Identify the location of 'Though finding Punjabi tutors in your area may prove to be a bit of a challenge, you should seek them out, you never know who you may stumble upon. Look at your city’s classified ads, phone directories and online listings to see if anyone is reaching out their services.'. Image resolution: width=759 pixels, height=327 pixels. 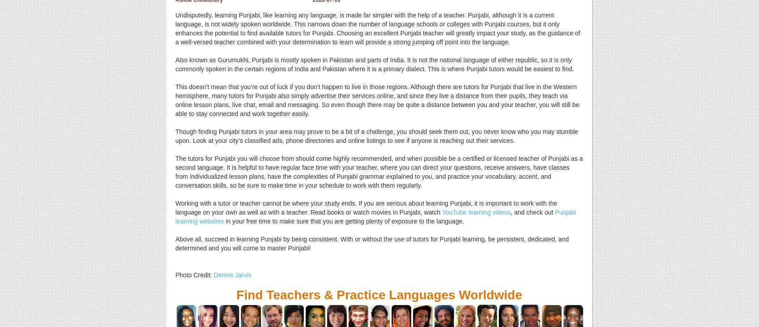
(377, 136).